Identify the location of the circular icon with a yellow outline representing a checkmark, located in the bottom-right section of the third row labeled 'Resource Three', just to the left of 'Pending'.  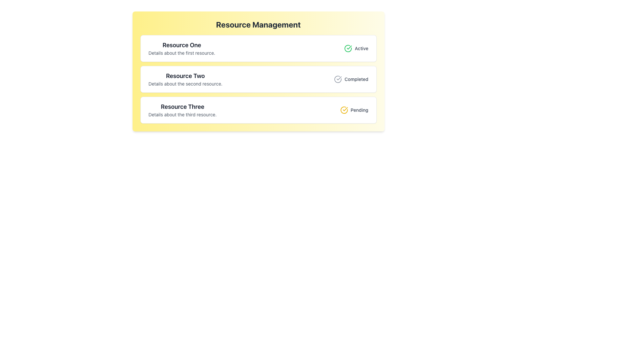
(344, 109).